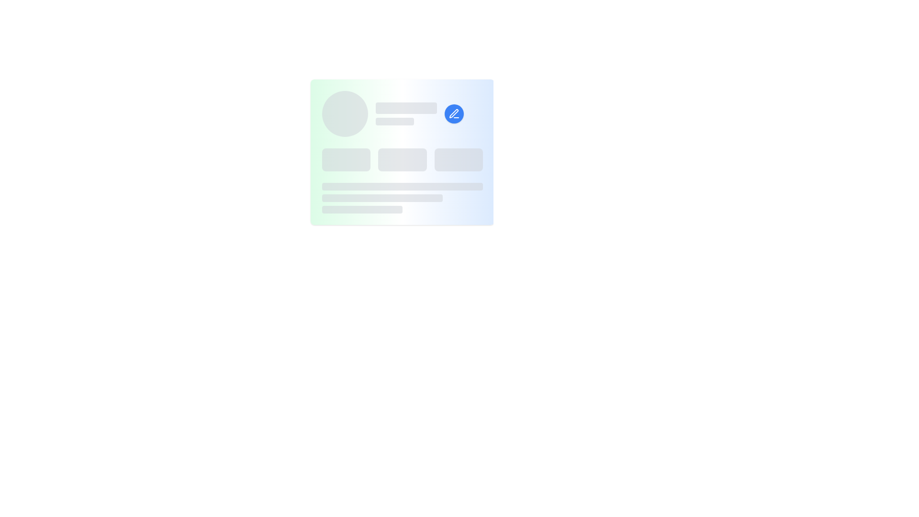 The image size is (919, 517). Describe the element at coordinates (381, 197) in the screenshot. I see `the second skeleton loader bar, which is a light gray, horizontally-aligned rectangular placeholder with rounded edges, located in the middle of three similar bars` at that location.